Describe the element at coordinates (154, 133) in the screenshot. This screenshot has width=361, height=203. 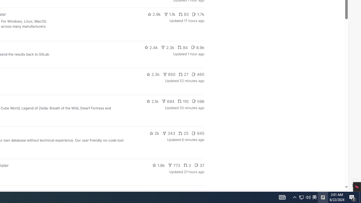
I see `'2k'` at that location.